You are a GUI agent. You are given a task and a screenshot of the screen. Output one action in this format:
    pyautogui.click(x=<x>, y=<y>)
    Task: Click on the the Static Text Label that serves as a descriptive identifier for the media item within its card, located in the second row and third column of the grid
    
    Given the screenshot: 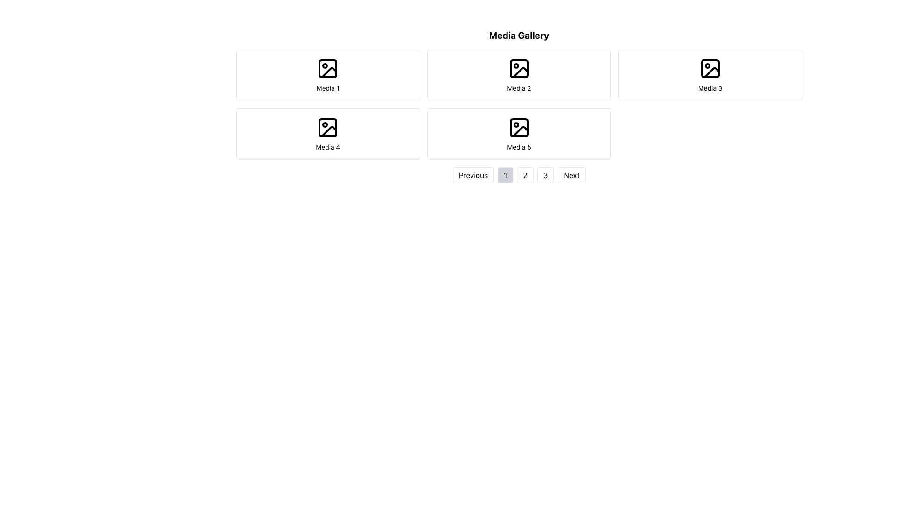 What is the action you would take?
    pyautogui.click(x=518, y=147)
    